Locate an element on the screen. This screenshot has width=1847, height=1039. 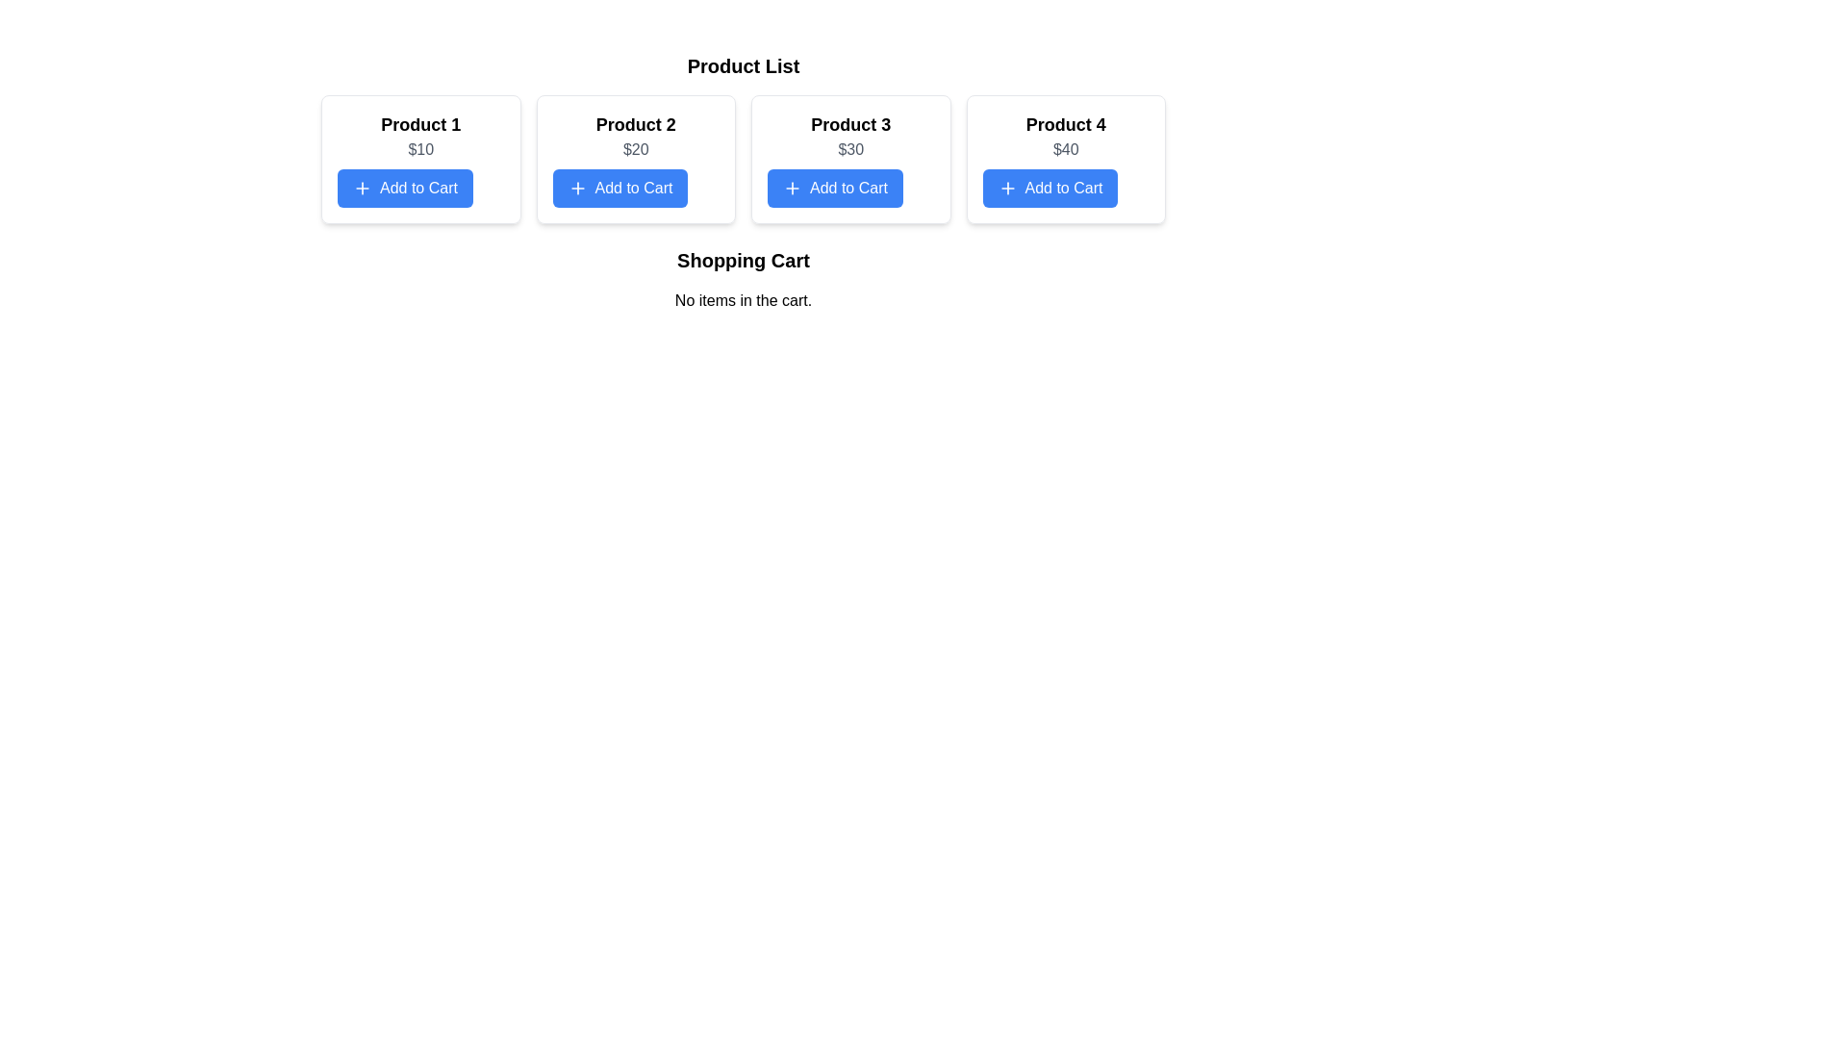
the button that adds 'Product 4' priced at '$40' to the shopping cart is located at coordinates (1049, 189).